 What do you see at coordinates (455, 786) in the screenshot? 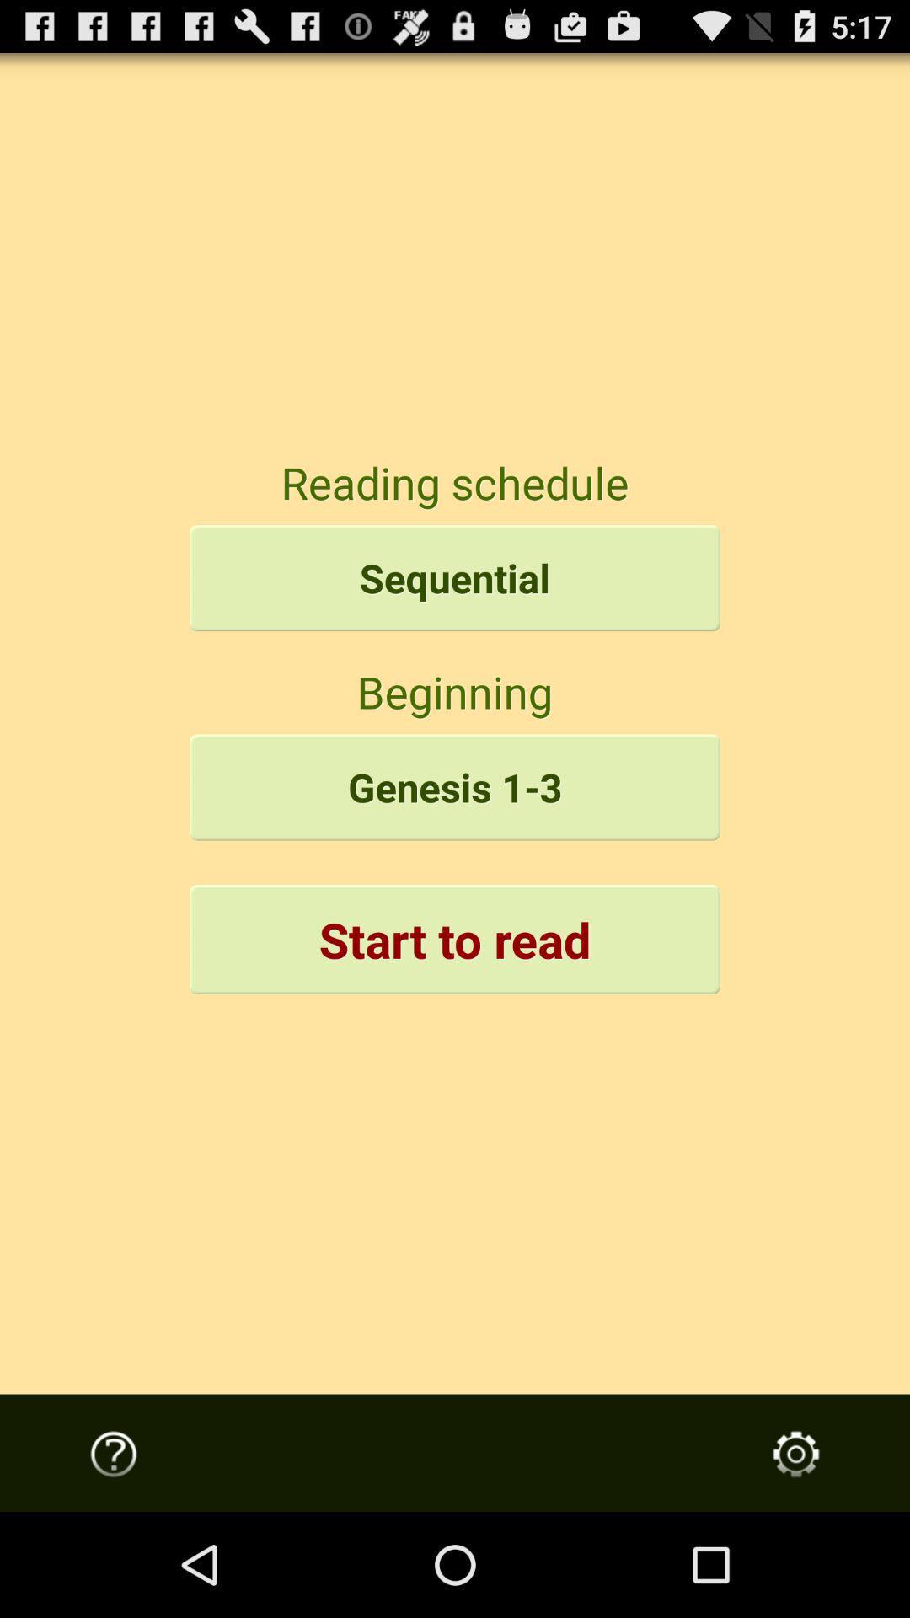
I see `app below the beginning app` at bounding box center [455, 786].